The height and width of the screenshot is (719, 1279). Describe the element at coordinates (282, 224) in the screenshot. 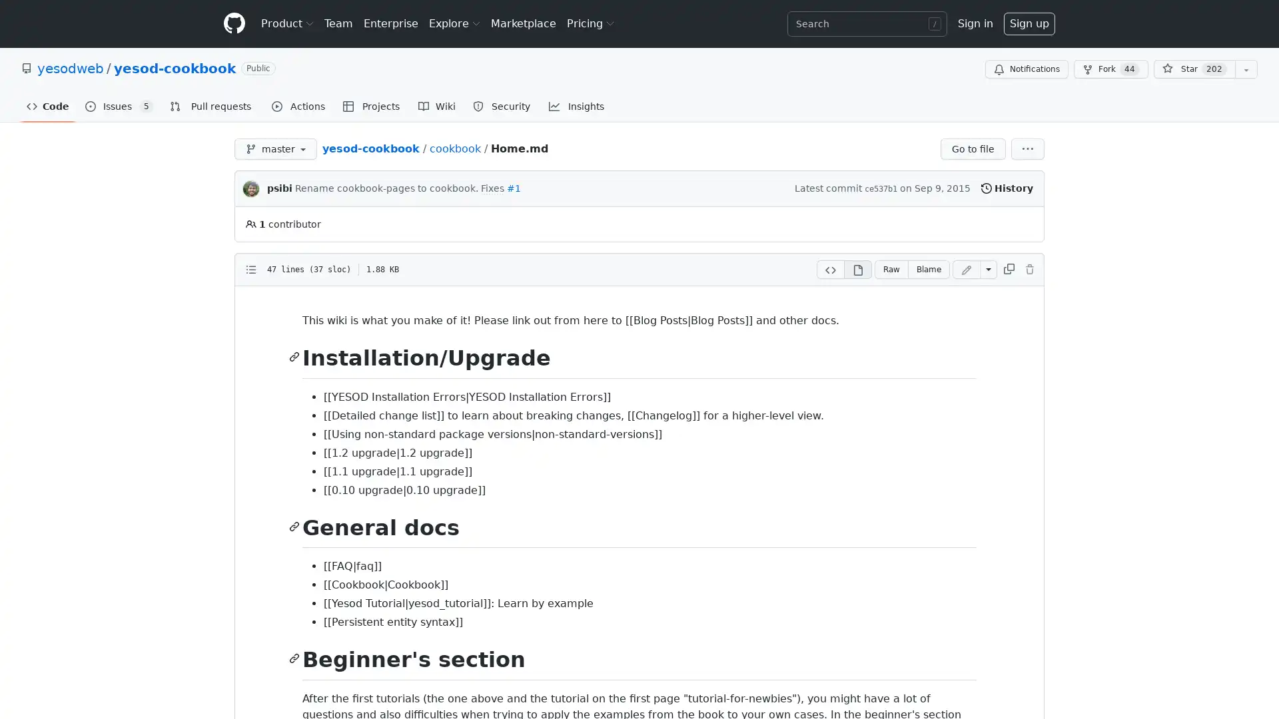

I see `1 contributor` at that location.